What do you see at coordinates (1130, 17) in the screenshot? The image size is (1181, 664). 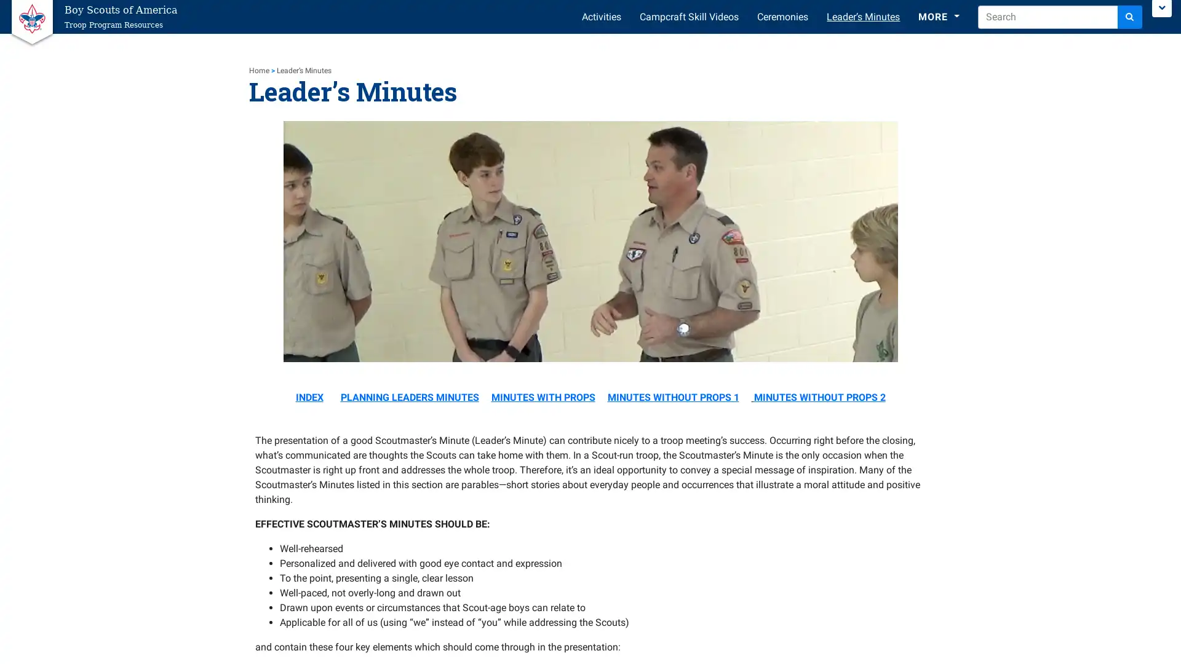 I see `Search` at bounding box center [1130, 17].